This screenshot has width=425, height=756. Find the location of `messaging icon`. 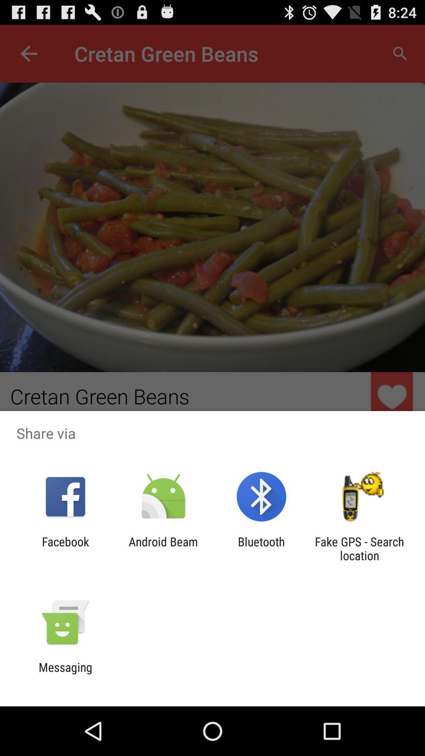

messaging icon is located at coordinates (65, 674).